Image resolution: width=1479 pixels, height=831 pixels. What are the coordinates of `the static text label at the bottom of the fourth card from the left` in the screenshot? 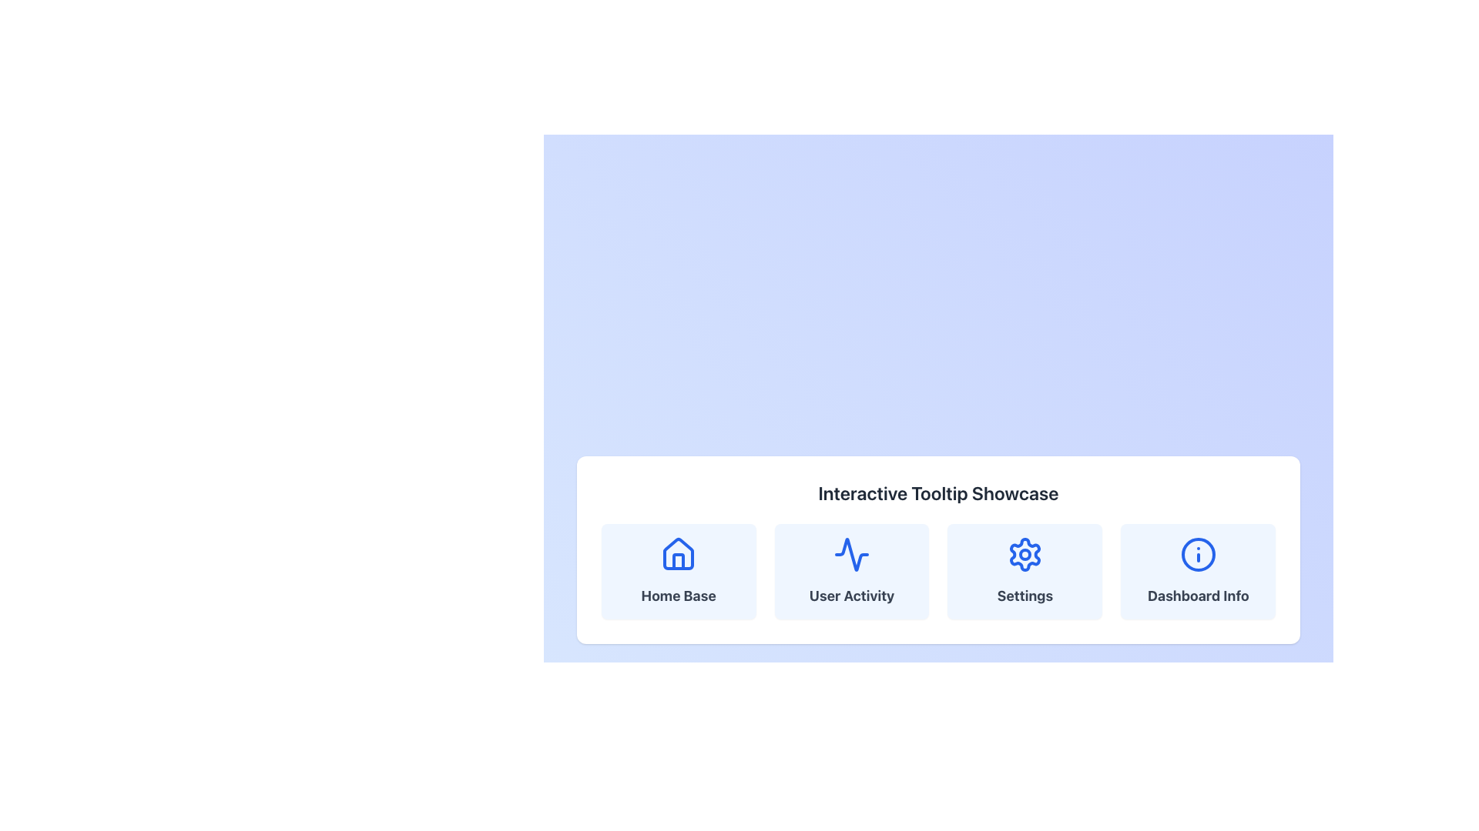 It's located at (1197, 596).